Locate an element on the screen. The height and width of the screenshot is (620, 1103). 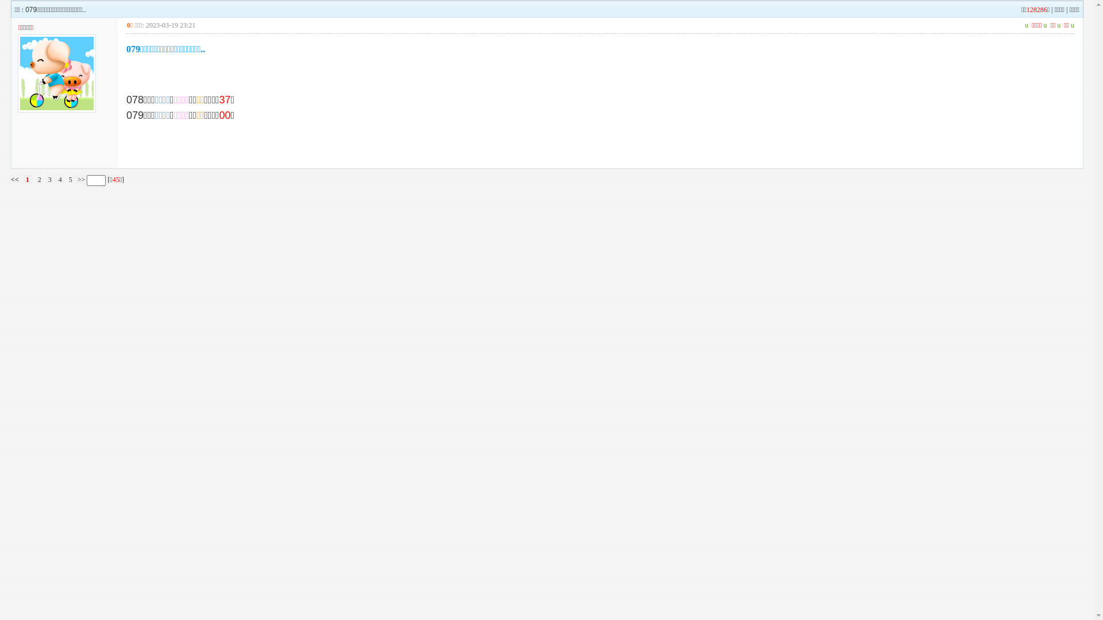
'>>' is located at coordinates (80, 179).